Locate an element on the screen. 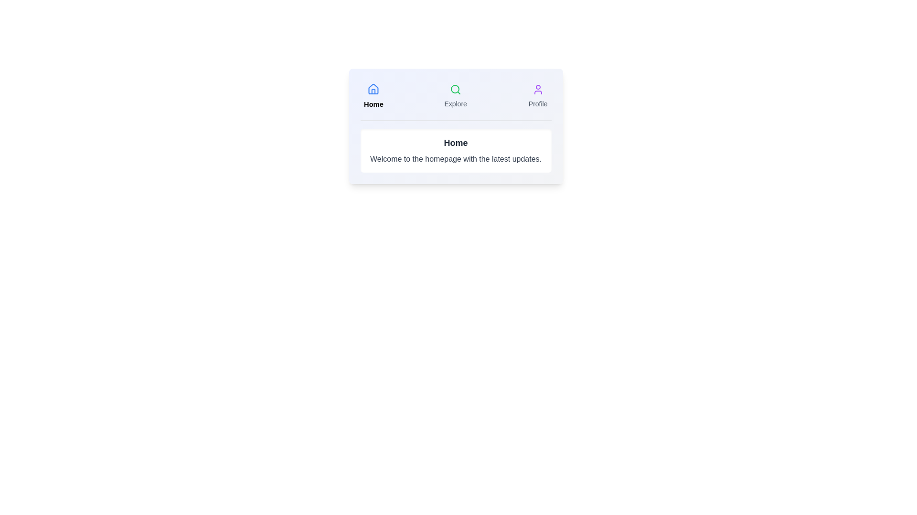  the Profile tab to switch content is located at coordinates (538, 96).